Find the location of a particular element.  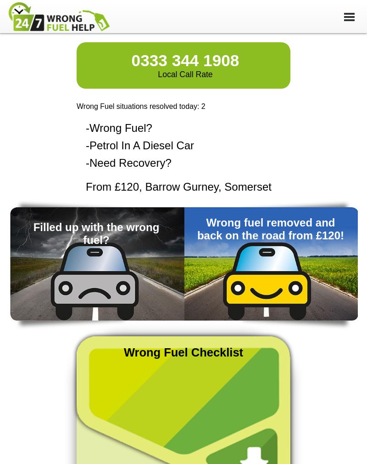

'Wrong fuel removed and back on the road from £120!' is located at coordinates (197, 228).